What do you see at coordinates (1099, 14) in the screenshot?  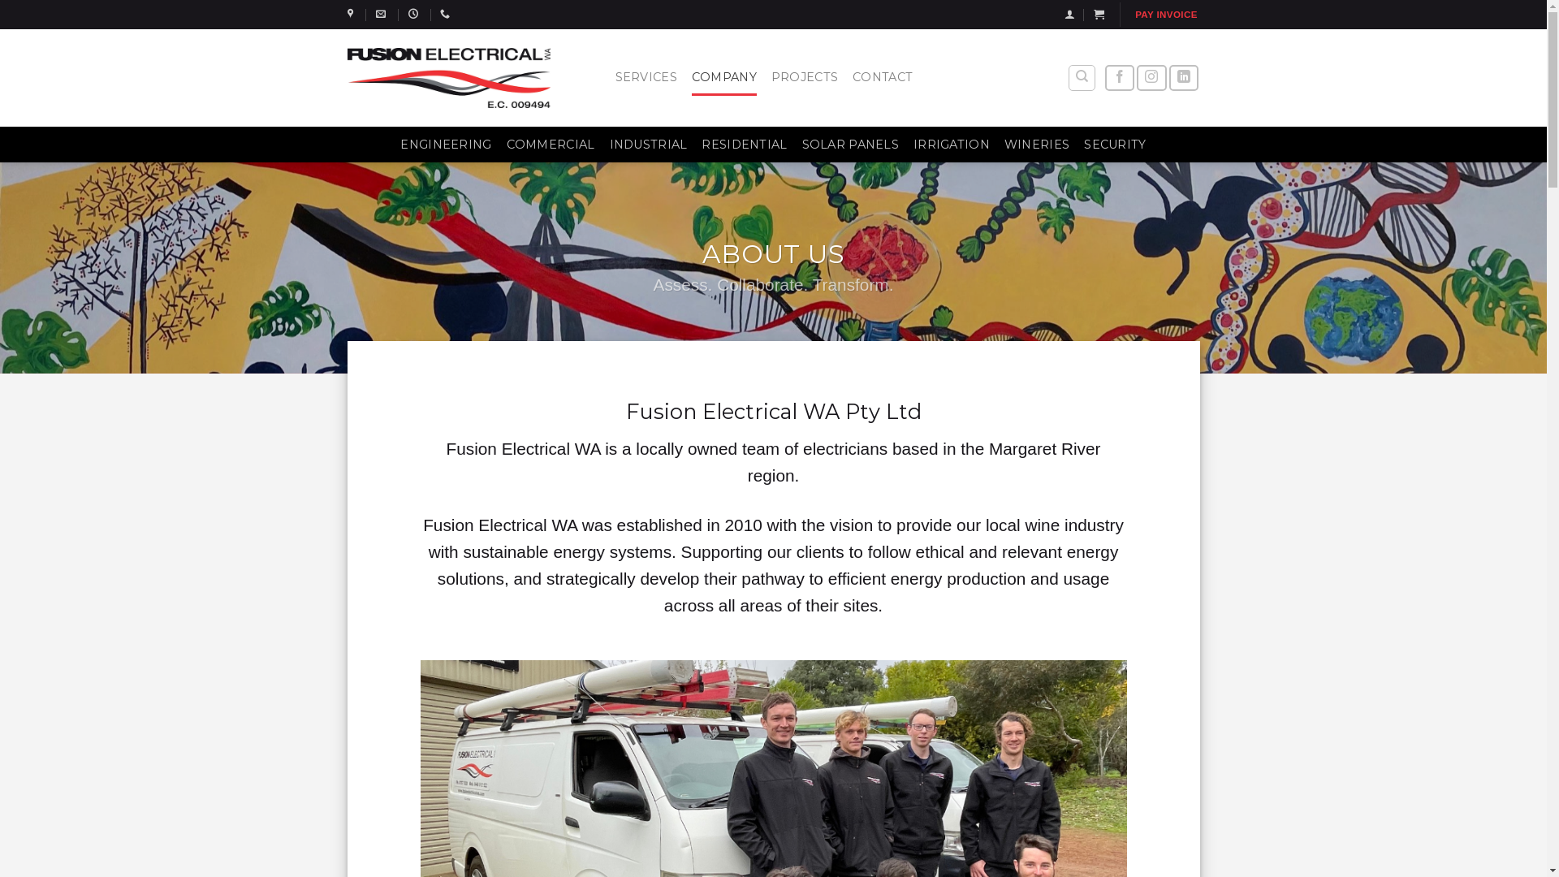 I see `'Cart'` at bounding box center [1099, 14].